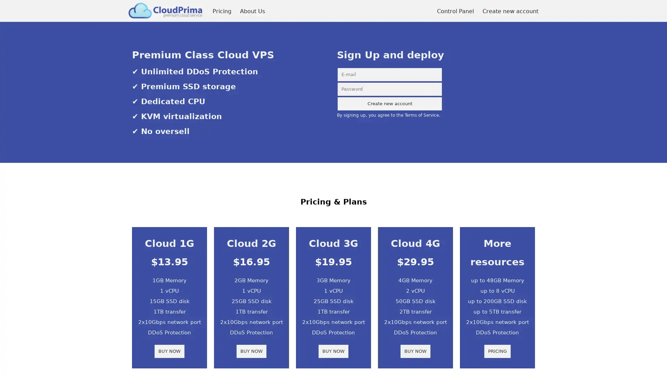 The image size is (667, 375). What do you see at coordinates (415, 351) in the screenshot?
I see `buy now` at bounding box center [415, 351].